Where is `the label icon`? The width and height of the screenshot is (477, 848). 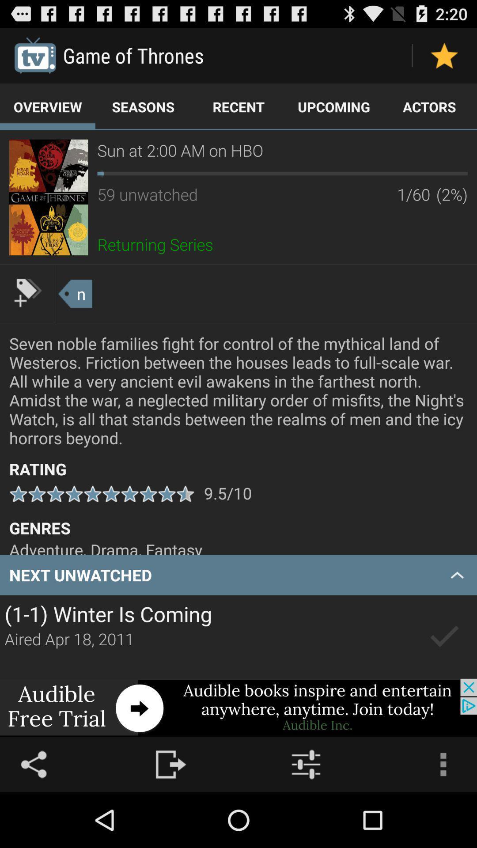
the label icon is located at coordinates (27, 313).